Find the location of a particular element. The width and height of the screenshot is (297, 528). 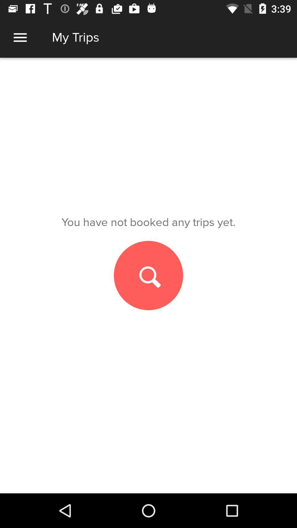

search is located at coordinates (148, 276).